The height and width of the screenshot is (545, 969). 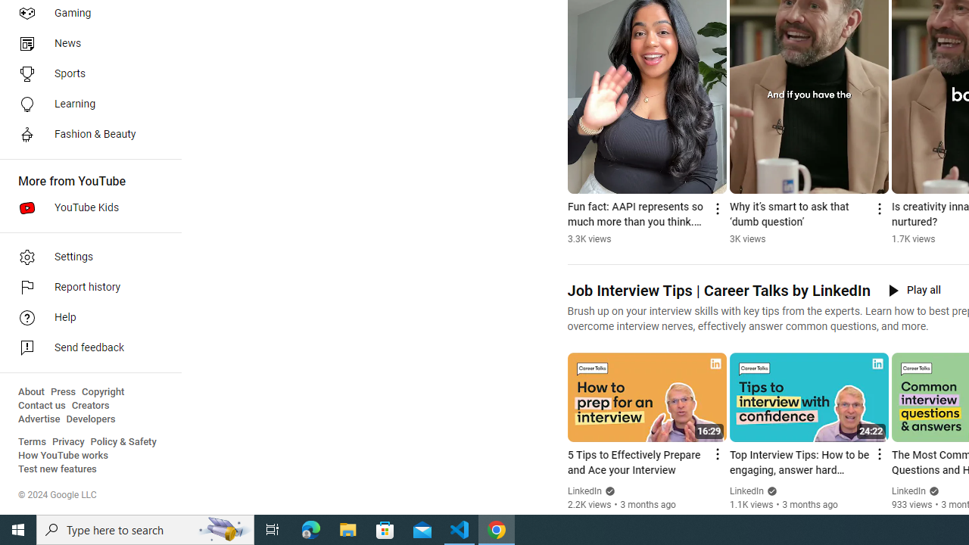 What do you see at coordinates (932, 490) in the screenshot?
I see `'Verified'` at bounding box center [932, 490].